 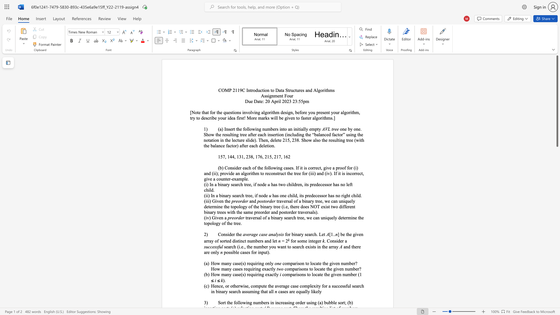 I want to click on the 1th character "n" in the text, so click(x=222, y=218).